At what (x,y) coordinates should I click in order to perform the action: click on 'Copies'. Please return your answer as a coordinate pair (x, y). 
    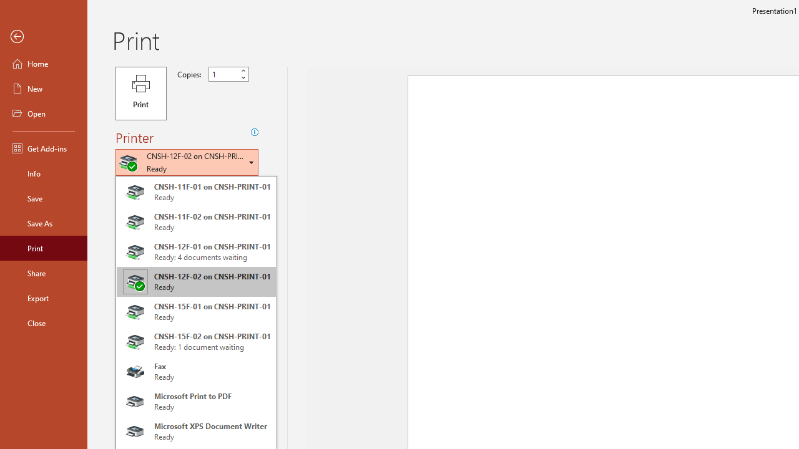
    Looking at the image, I should click on (223, 74).